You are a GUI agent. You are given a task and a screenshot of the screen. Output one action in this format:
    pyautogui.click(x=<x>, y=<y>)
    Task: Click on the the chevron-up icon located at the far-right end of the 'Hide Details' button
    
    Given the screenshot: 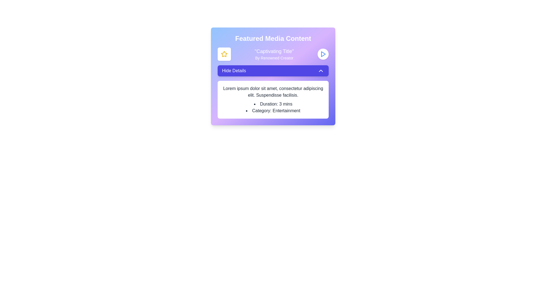 What is the action you would take?
    pyautogui.click(x=321, y=70)
    